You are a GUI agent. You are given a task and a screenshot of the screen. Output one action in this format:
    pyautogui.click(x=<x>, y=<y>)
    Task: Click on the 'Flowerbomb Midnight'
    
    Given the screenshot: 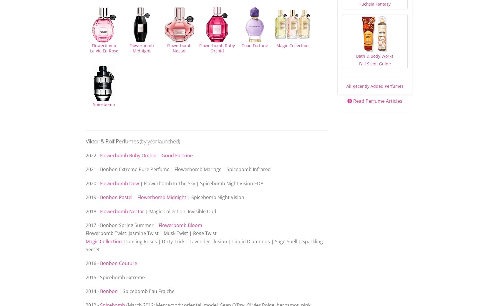 What is the action you would take?
    pyautogui.click(x=162, y=197)
    